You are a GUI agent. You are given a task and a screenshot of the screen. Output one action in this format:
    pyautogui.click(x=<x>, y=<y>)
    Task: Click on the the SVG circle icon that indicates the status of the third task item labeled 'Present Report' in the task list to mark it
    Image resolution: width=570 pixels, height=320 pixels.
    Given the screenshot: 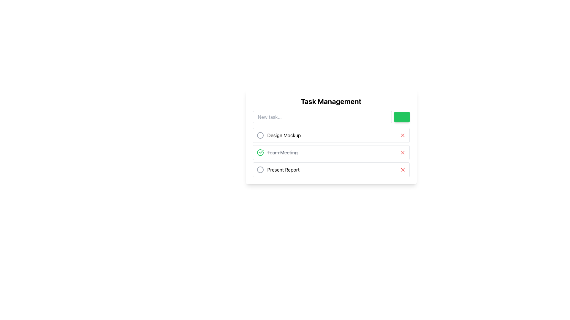 What is the action you would take?
    pyautogui.click(x=260, y=170)
    